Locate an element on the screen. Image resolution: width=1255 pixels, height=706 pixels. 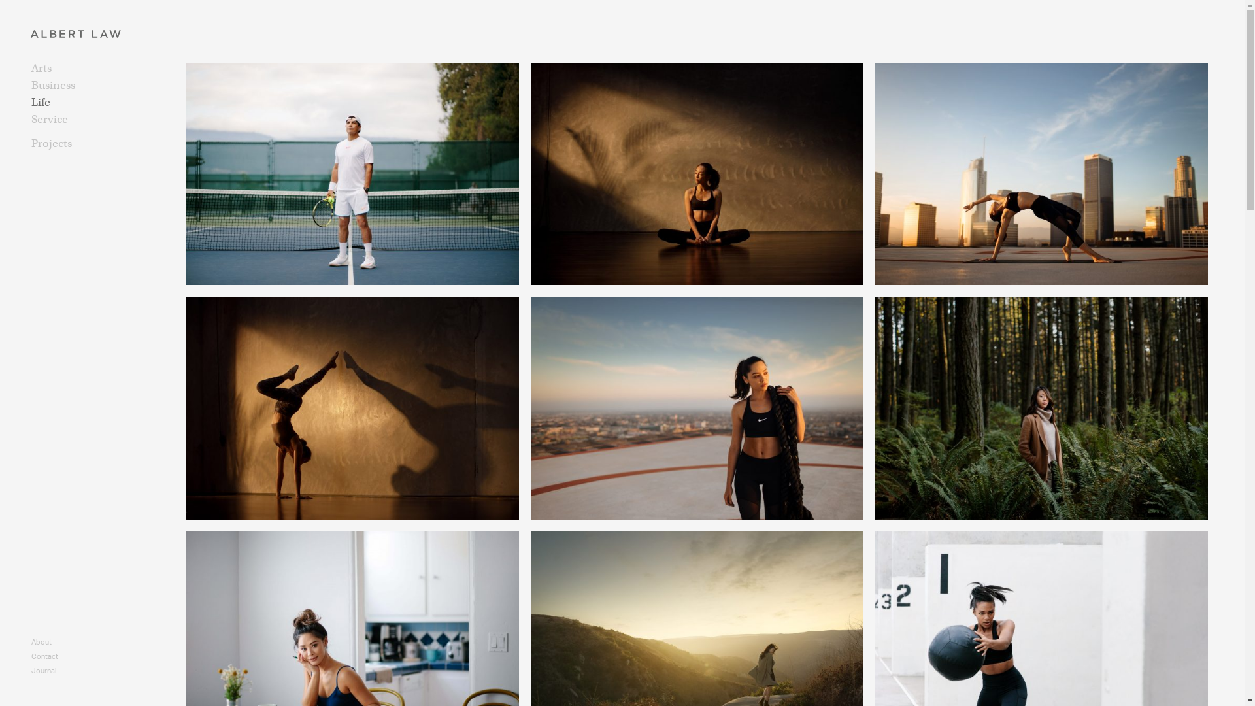
'Journal' is located at coordinates (44, 671).